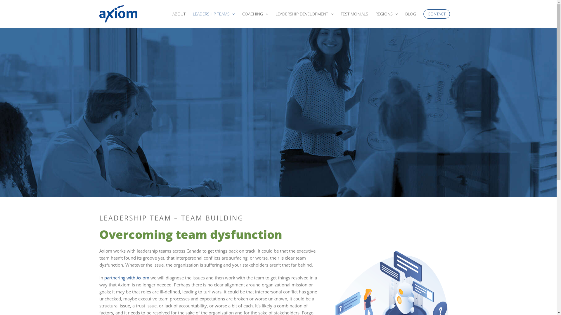 This screenshot has width=561, height=315. What do you see at coordinates (387, 13) in the screenshot?
I see `'REGIONS'` at bounding box center [387, 13].